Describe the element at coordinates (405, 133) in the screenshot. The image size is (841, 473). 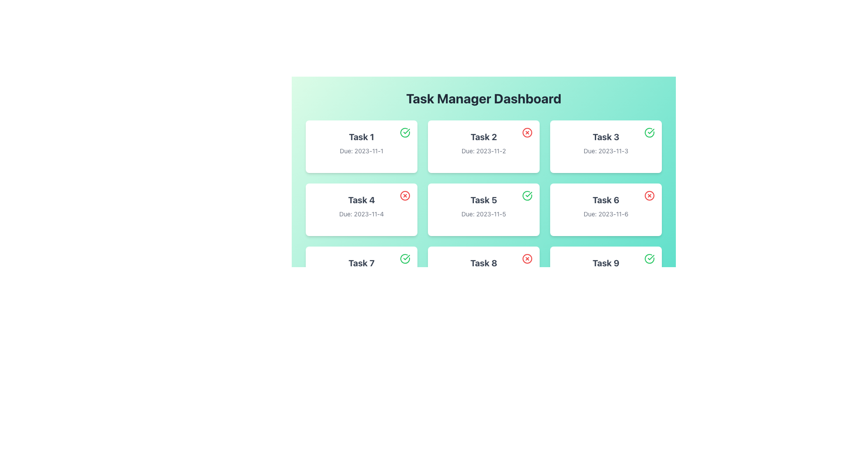
I see `the green checkmark icon located in the top-right corner of the 'Task 1' card with due date '2023-11-1'` at that location.